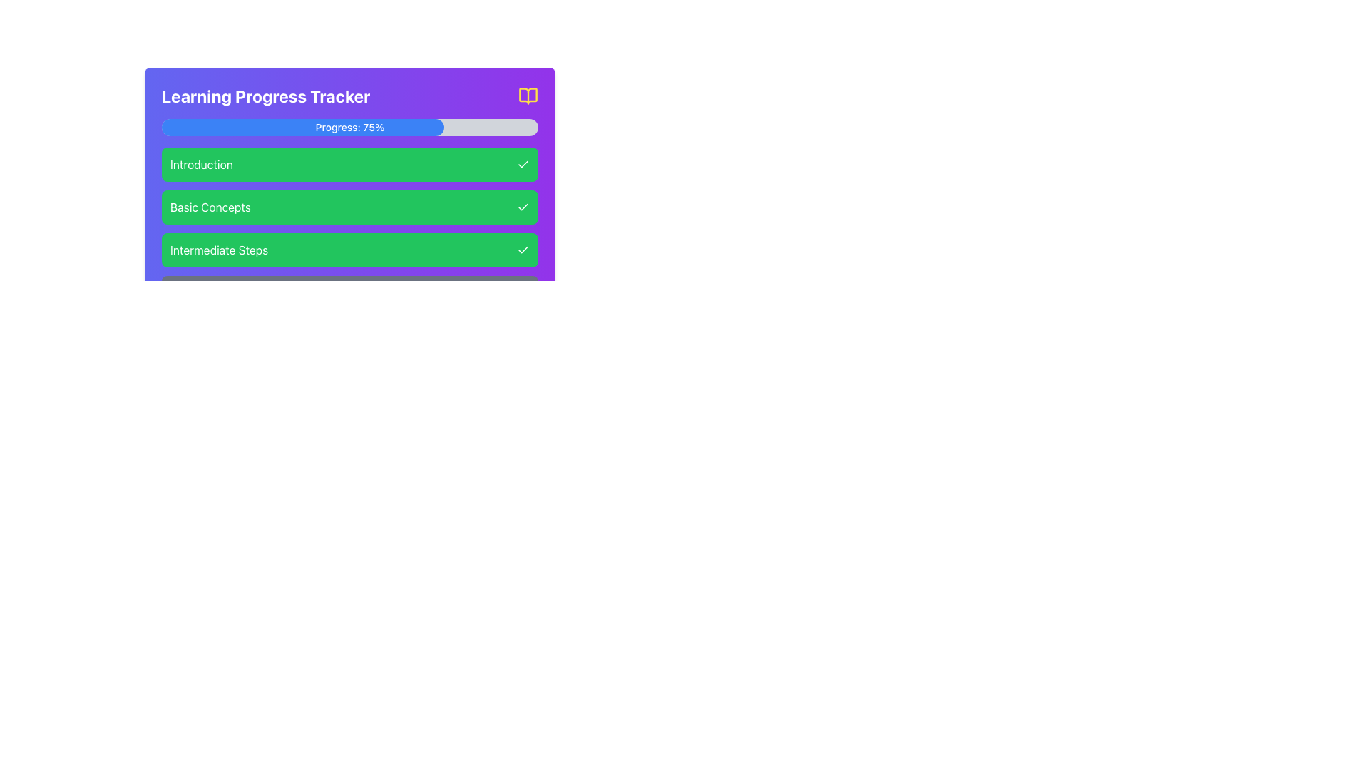  What do you see at coordinates (523, 250) in the screenshot?
I see `the compact checkmark icon styled in white on a green circle, located to the right of the 'Intermediate Steps' text` at bounding box center [523, 250].